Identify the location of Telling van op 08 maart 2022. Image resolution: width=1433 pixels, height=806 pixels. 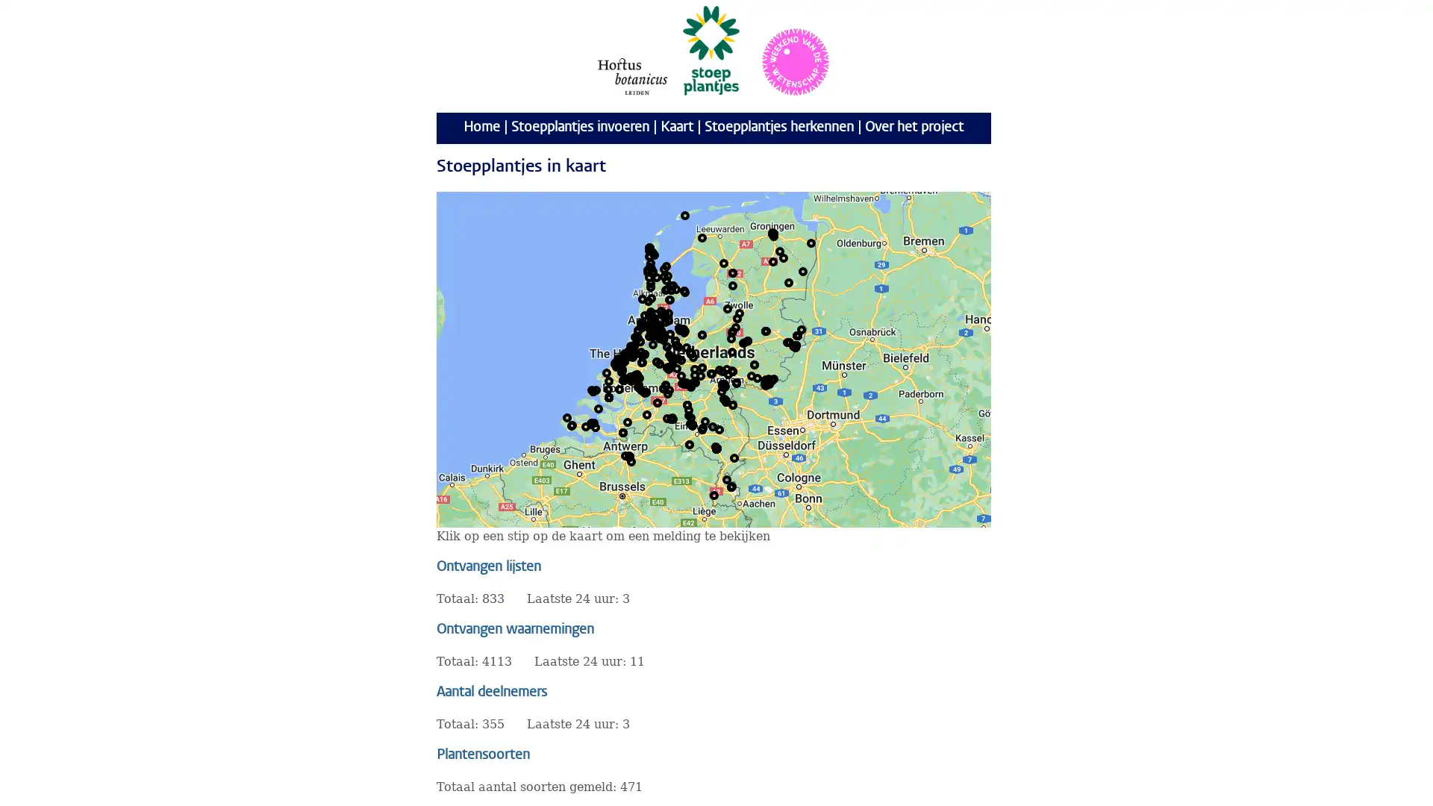
(652, 334).